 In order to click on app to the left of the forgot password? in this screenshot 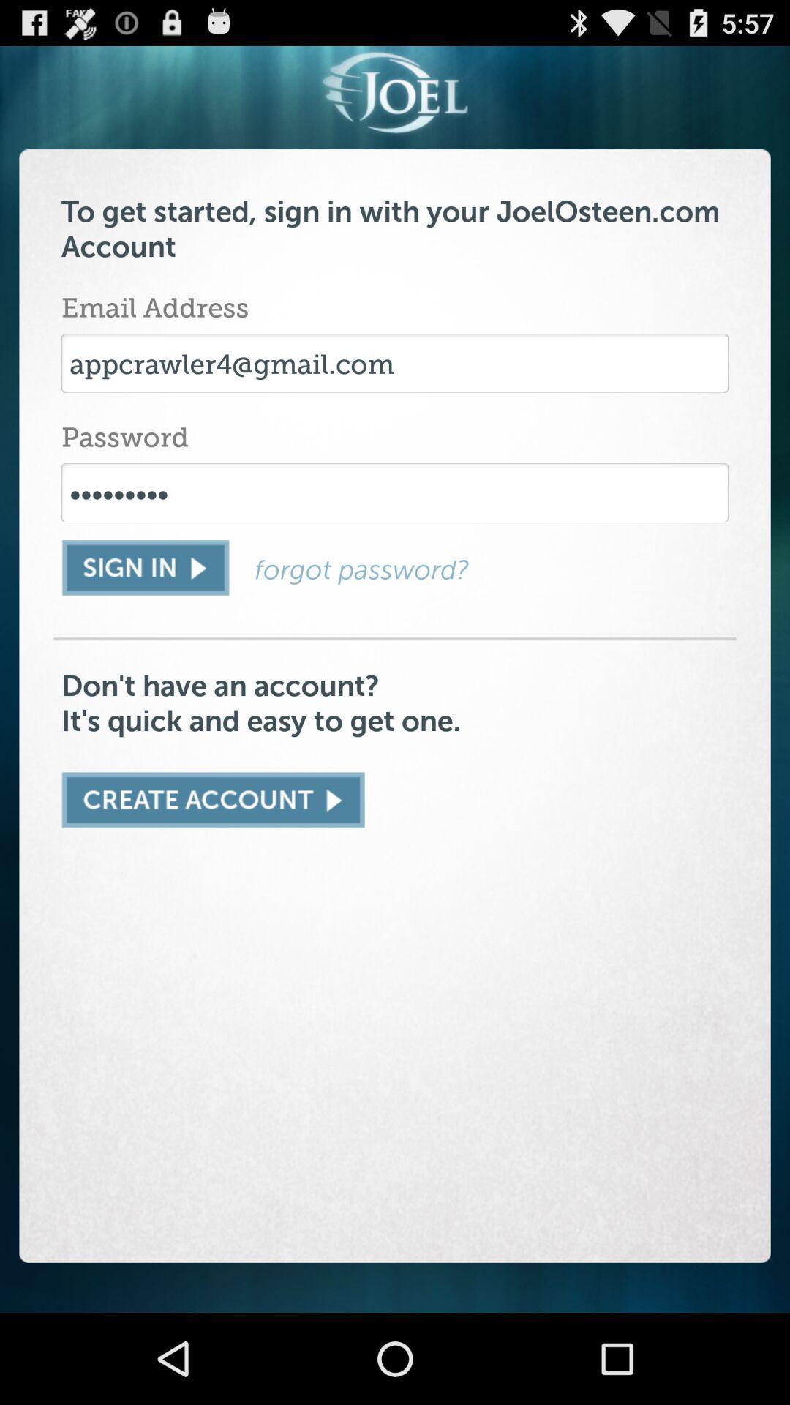, I will do `click(145, 567)`.